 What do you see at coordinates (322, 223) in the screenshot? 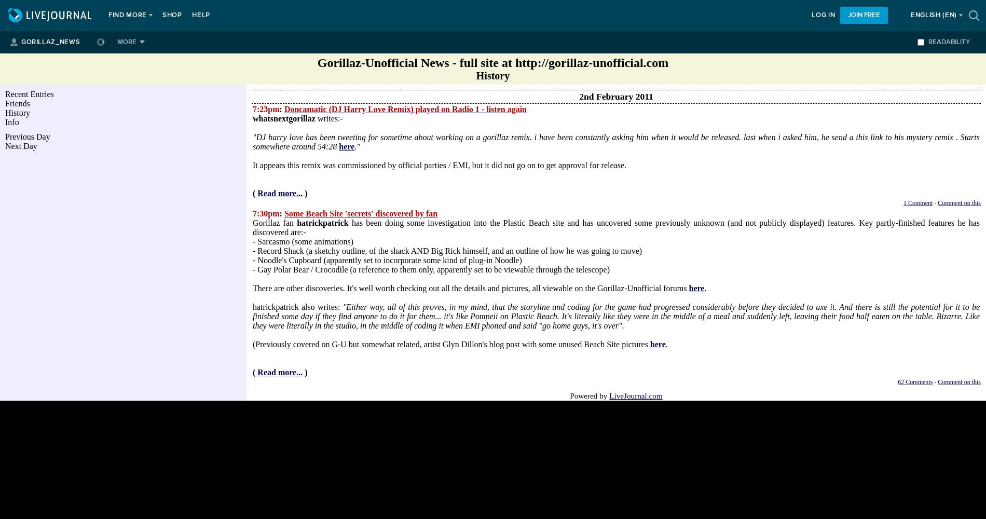
I see `'hatrickpatrick'` at bounding box center [322, 223].